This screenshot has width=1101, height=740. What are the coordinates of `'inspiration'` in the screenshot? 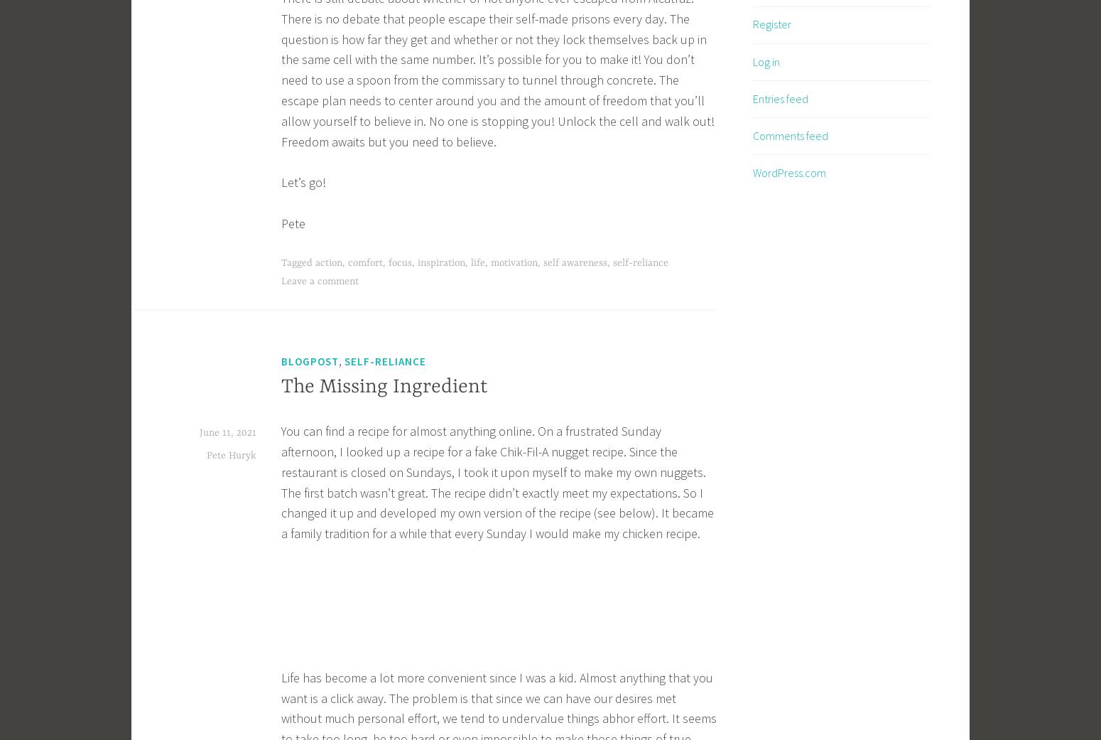 It's located at (440, 262).